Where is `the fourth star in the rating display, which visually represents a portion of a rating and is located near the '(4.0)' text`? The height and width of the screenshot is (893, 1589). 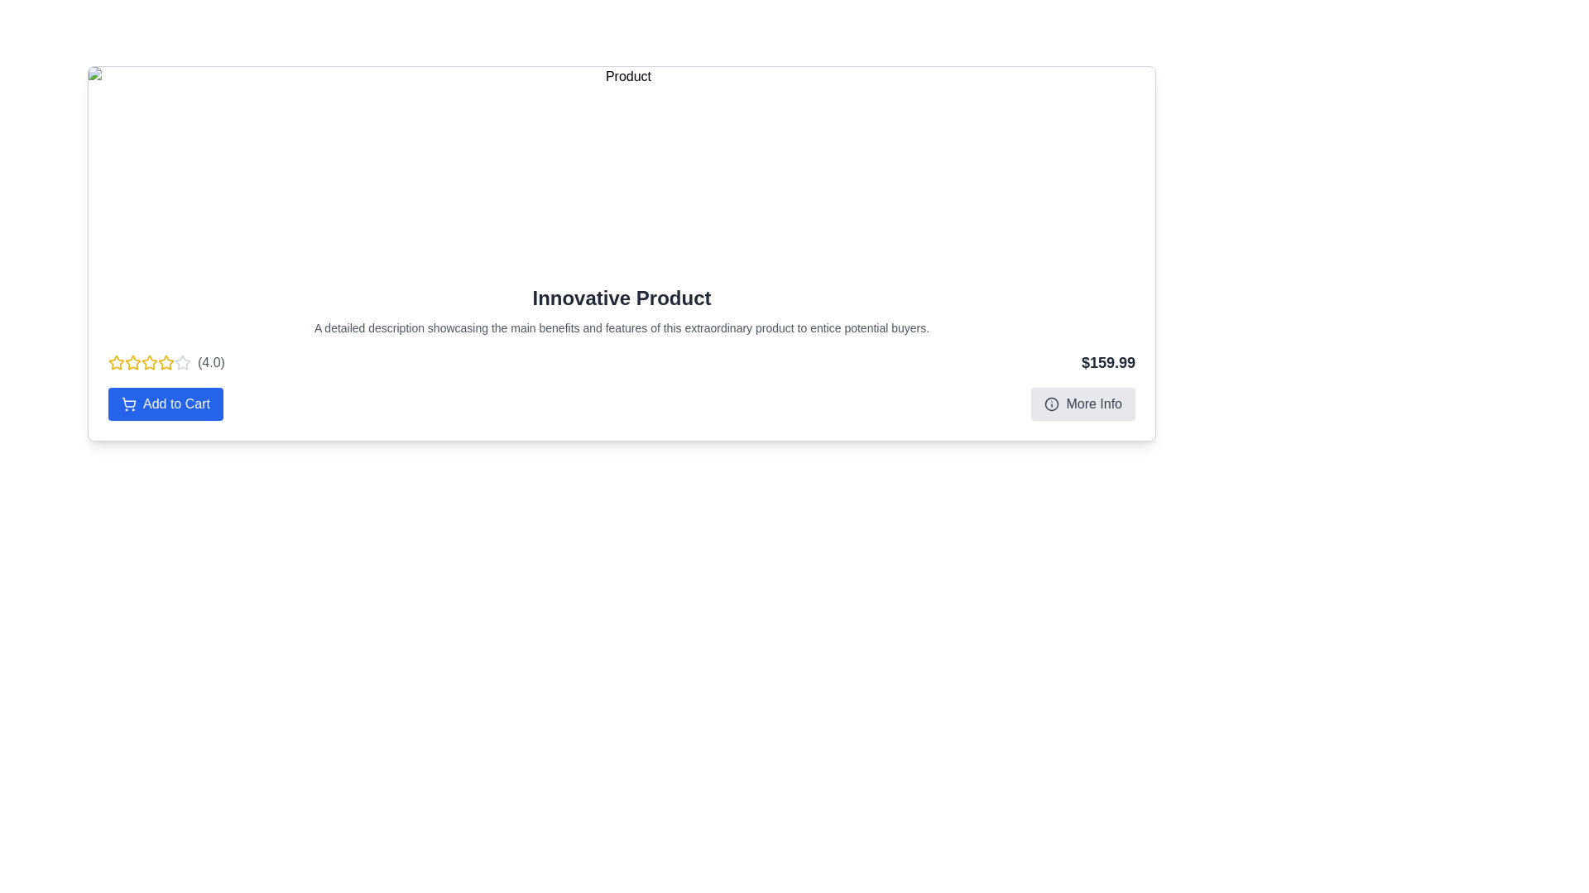 the fourth star in the rating display, which visually represents a portion of a rating and is located near the '(4.0)' text is located at coordinates (166, 362).